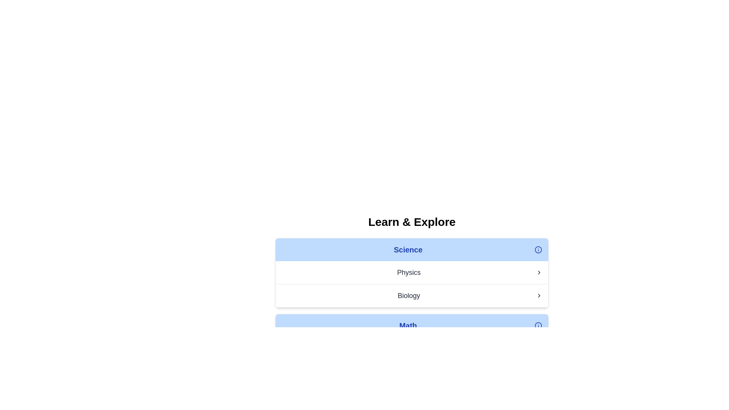  Describe the element at coordinates (411, 295) in the screenshot. I see `the second list item under the 'Science' section, which is related to 'Biology'` at that location.